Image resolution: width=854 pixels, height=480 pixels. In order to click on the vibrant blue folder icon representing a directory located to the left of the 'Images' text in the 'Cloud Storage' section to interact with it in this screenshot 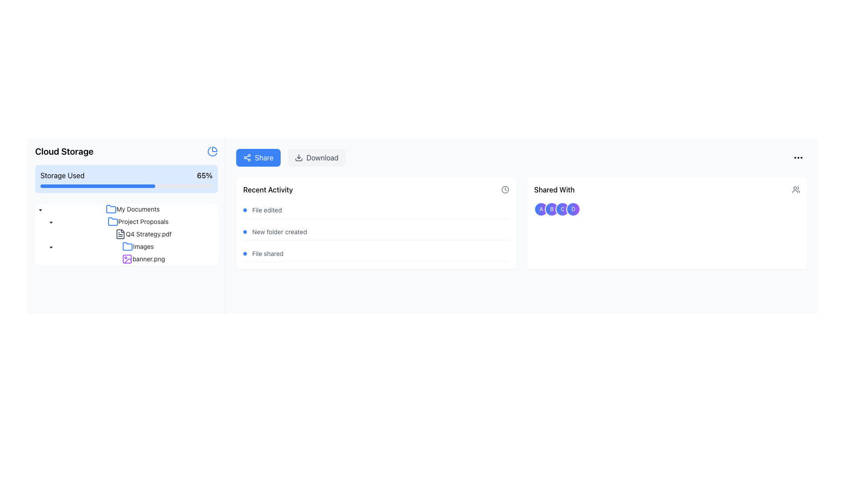, I will do `click(127, 247)`.